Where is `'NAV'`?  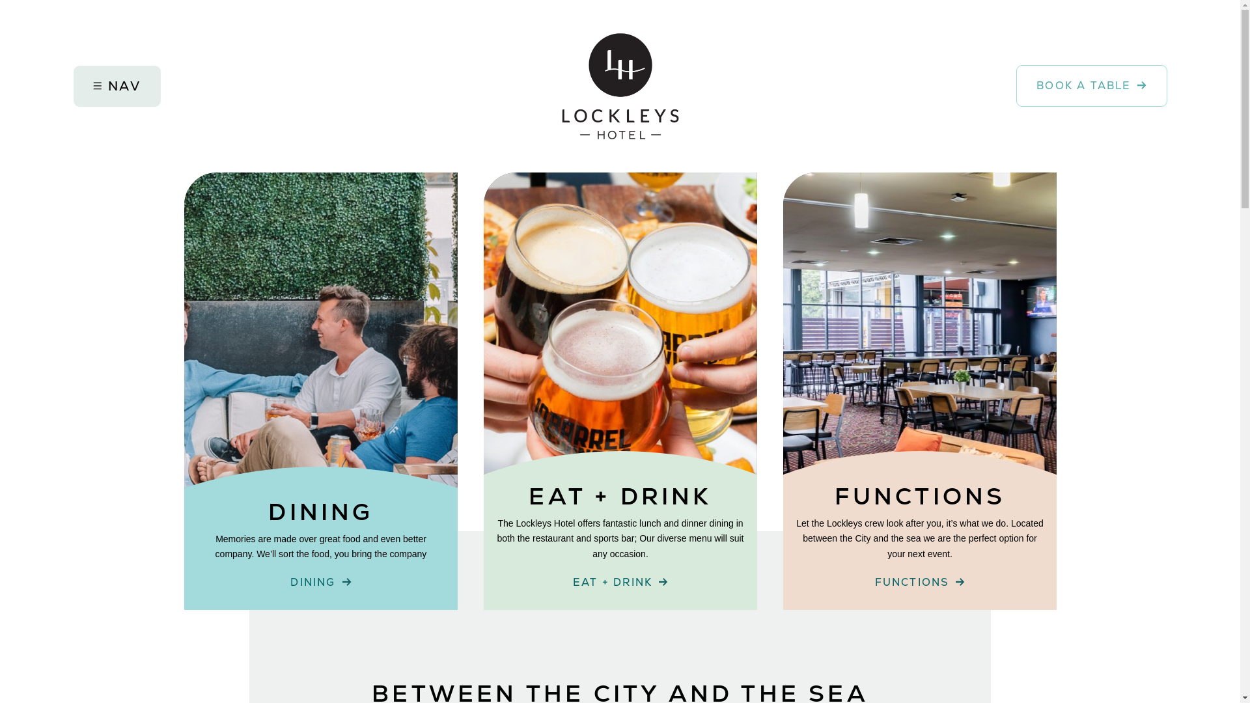 'NAV' is located at coordinates (116, 86).